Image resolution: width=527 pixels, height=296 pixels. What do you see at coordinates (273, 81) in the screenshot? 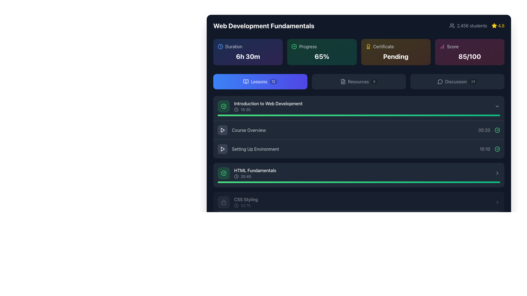
I see `the Badge element, which is a count indicator for lessons associated with a course, located on the right-hand side of the 'Lessons' button` at bounding box center [273, 81].